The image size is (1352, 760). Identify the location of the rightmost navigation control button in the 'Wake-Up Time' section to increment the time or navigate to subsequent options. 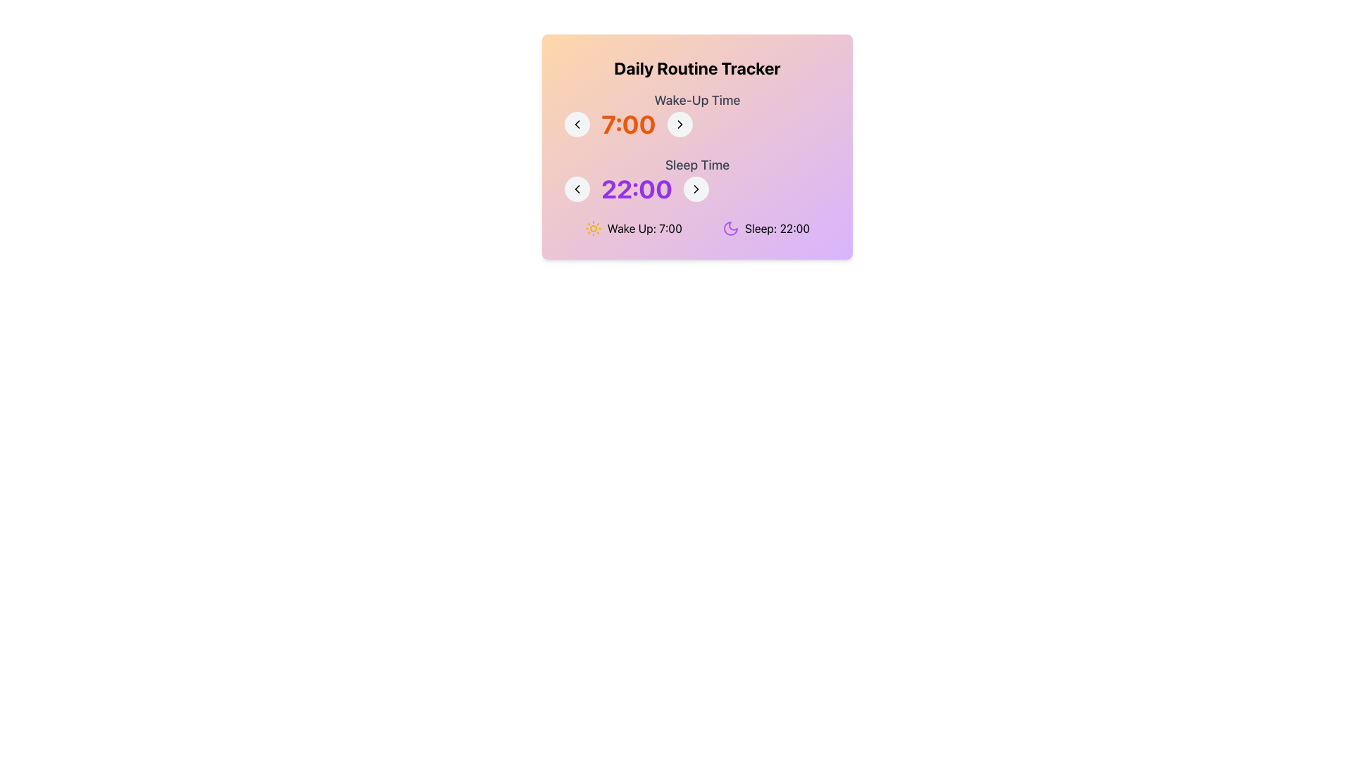
(680, 124).